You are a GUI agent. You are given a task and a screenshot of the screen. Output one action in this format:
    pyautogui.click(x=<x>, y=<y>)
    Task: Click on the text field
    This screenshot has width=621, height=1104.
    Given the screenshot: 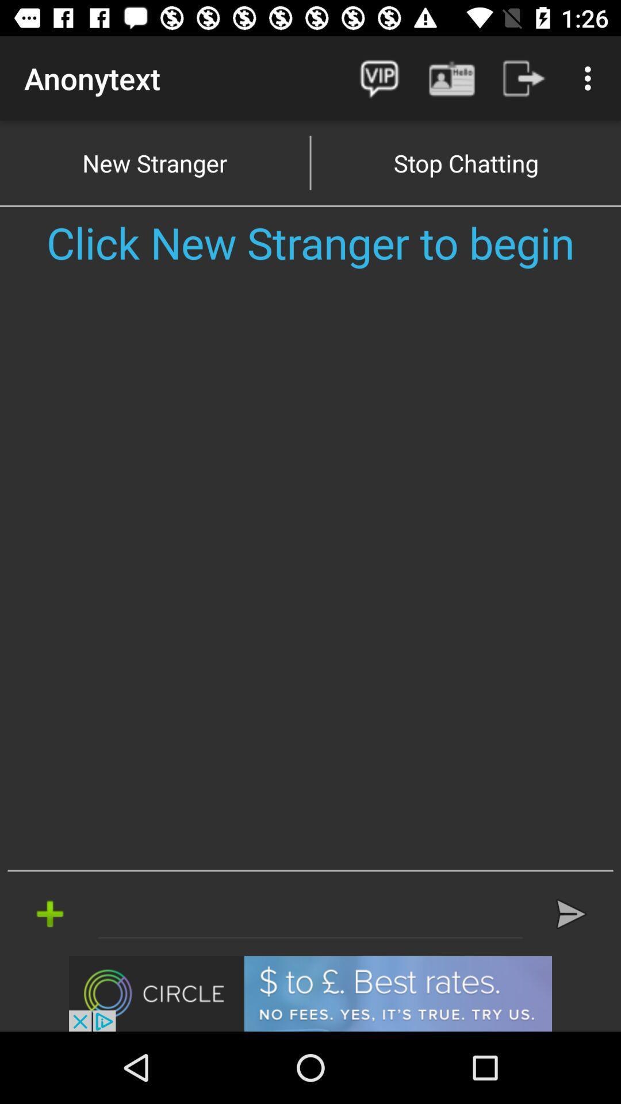 What is the action you would take?
    pyautogui.click(x=310, y=913)
    